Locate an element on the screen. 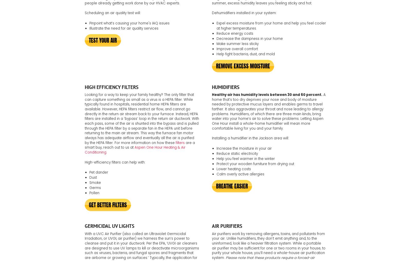 The height and width of the screenshot is (261, 411). 'Humidifiers' is located at coordinates (225, 87).